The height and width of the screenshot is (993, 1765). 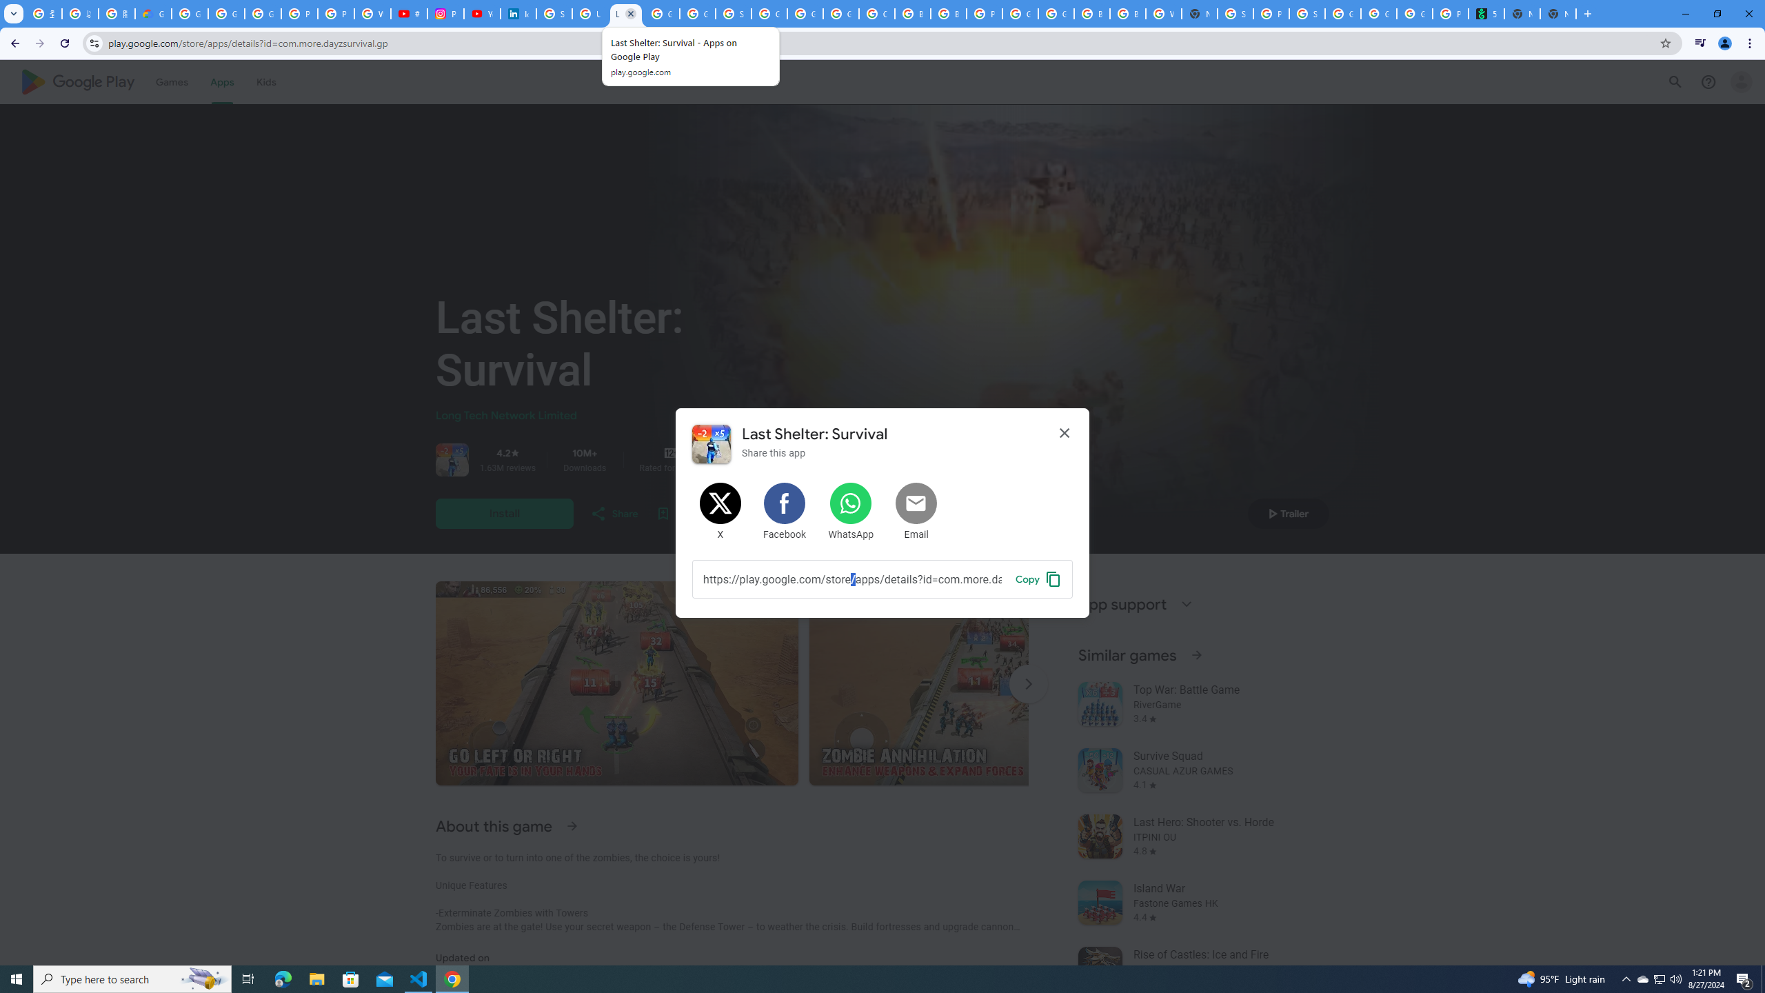 What do you see at coordinates (720, 512) in the screenshot?
I see `'Share on X (formerly Twitter)'` at bounding box center [720, 512].